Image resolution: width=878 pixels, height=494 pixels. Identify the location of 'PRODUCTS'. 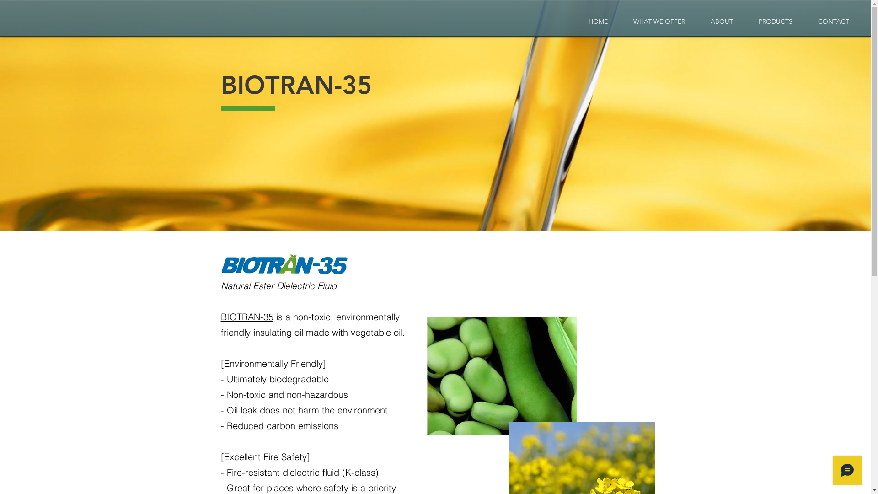
(775, 21).